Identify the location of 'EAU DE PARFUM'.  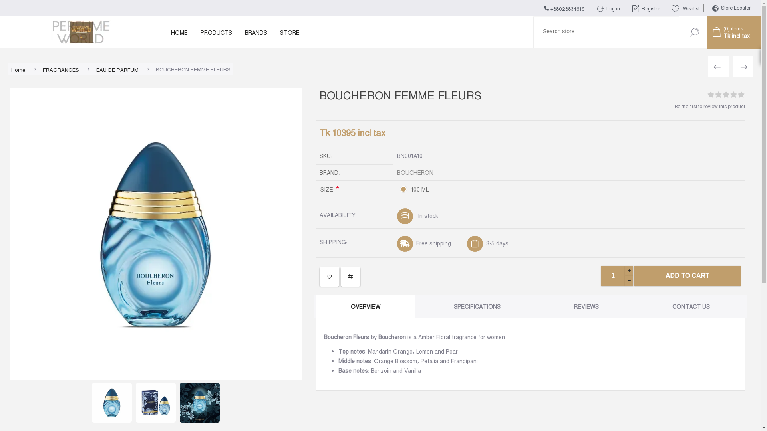
(116, 69).